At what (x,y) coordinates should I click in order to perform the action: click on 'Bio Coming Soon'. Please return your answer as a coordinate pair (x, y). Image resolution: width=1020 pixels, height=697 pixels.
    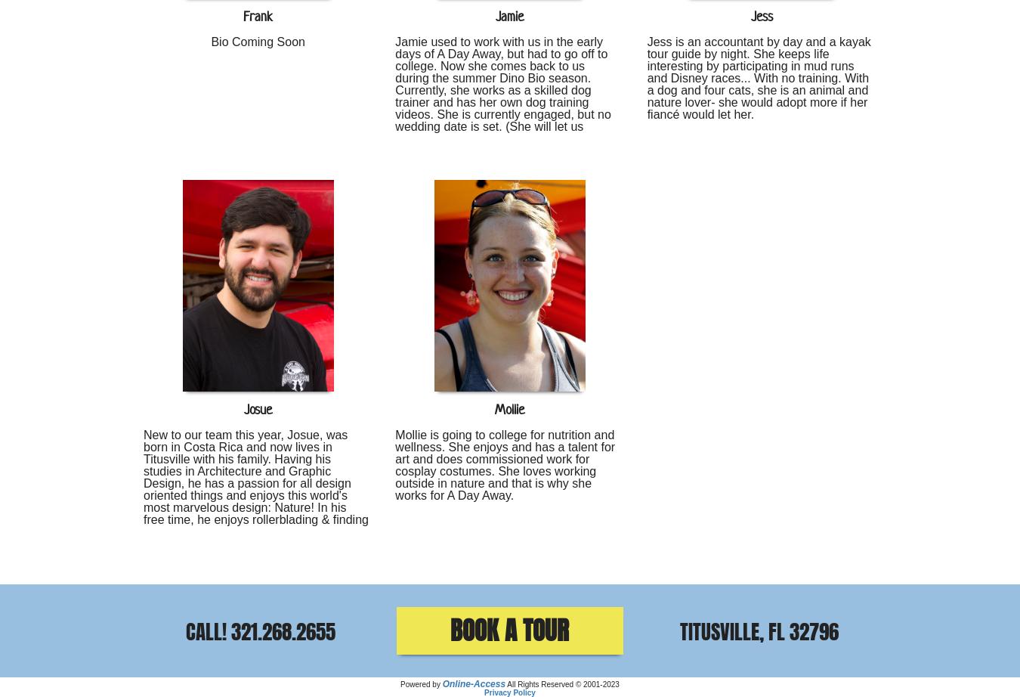
    Looking at the image, I should click on (258, 41).